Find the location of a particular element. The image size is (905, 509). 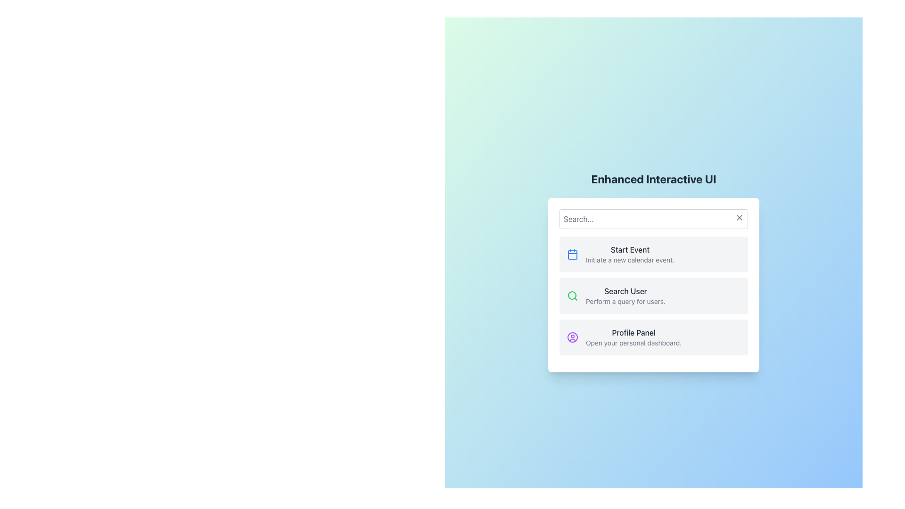

the 'Profile Panel' text label which indicates a specific feature within the interactive list in the white panel on a blue gradient background is located at coordinates (633, 332).